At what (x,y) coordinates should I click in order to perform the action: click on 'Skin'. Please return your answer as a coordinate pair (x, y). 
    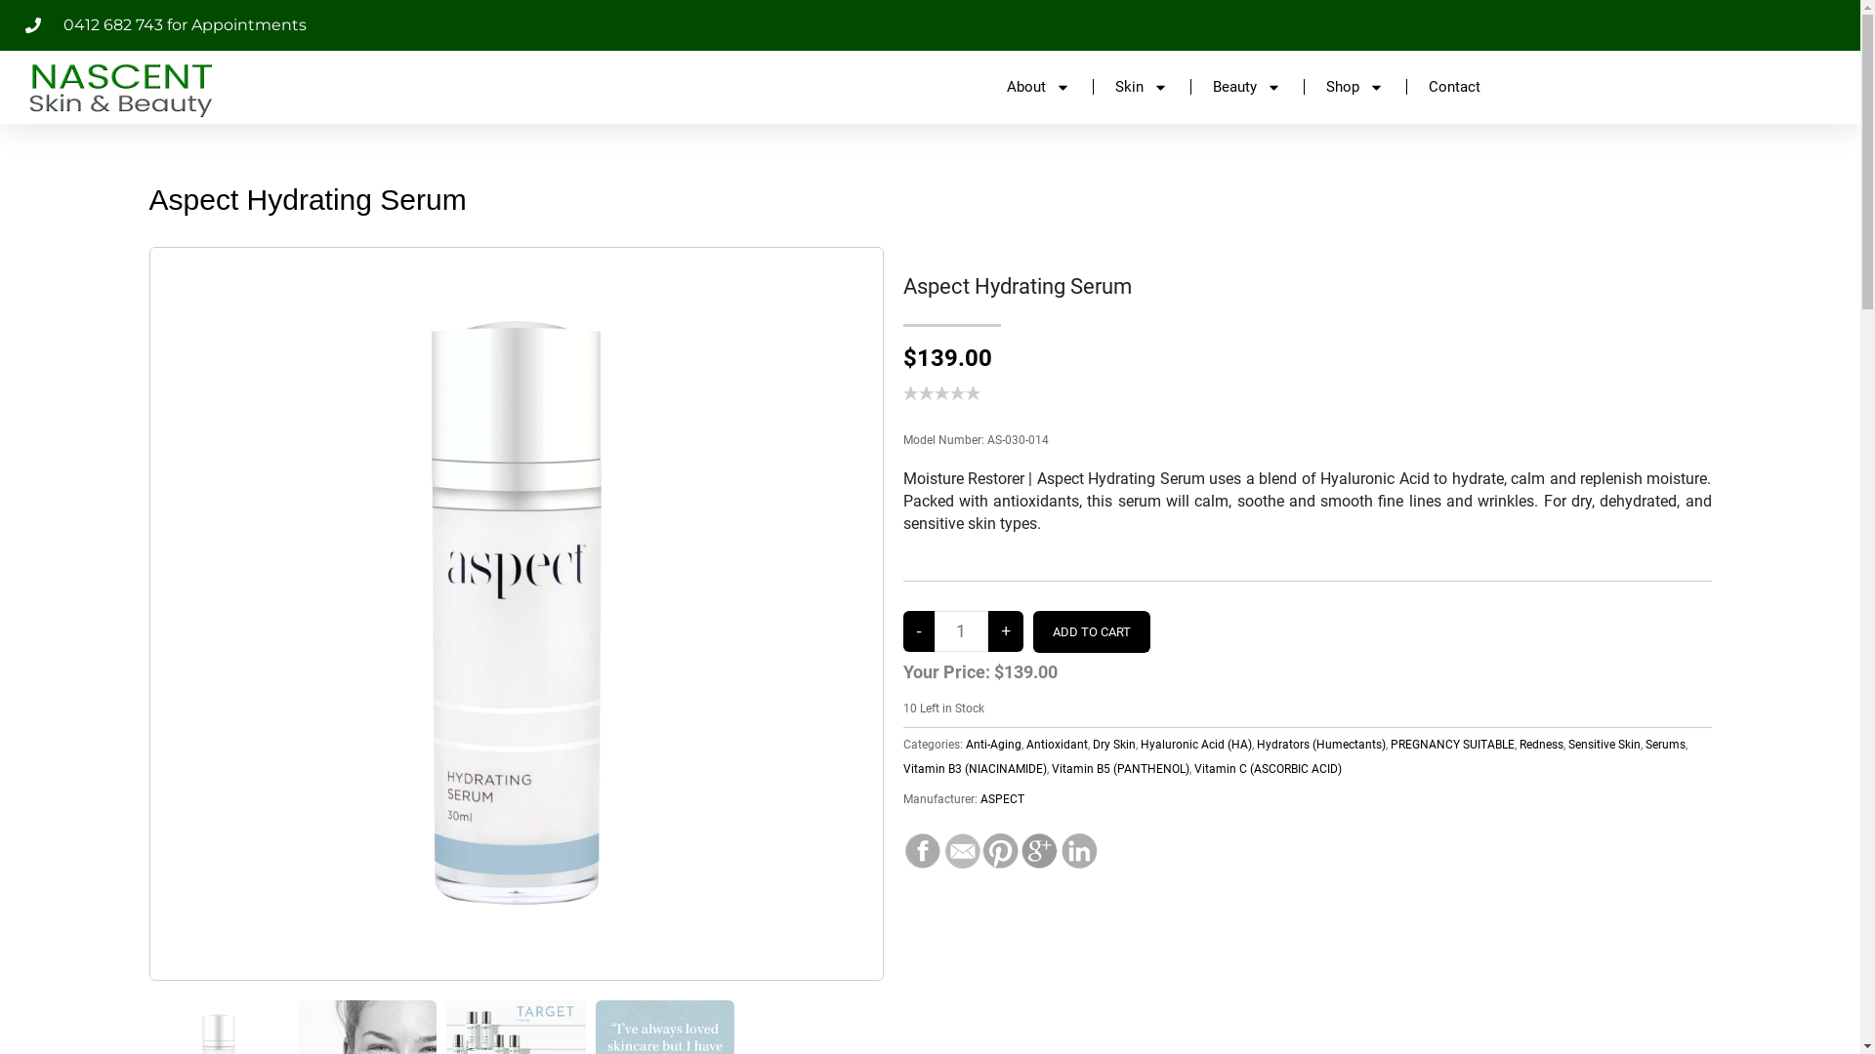
    Looking at the image, I should click on (1142, 85).